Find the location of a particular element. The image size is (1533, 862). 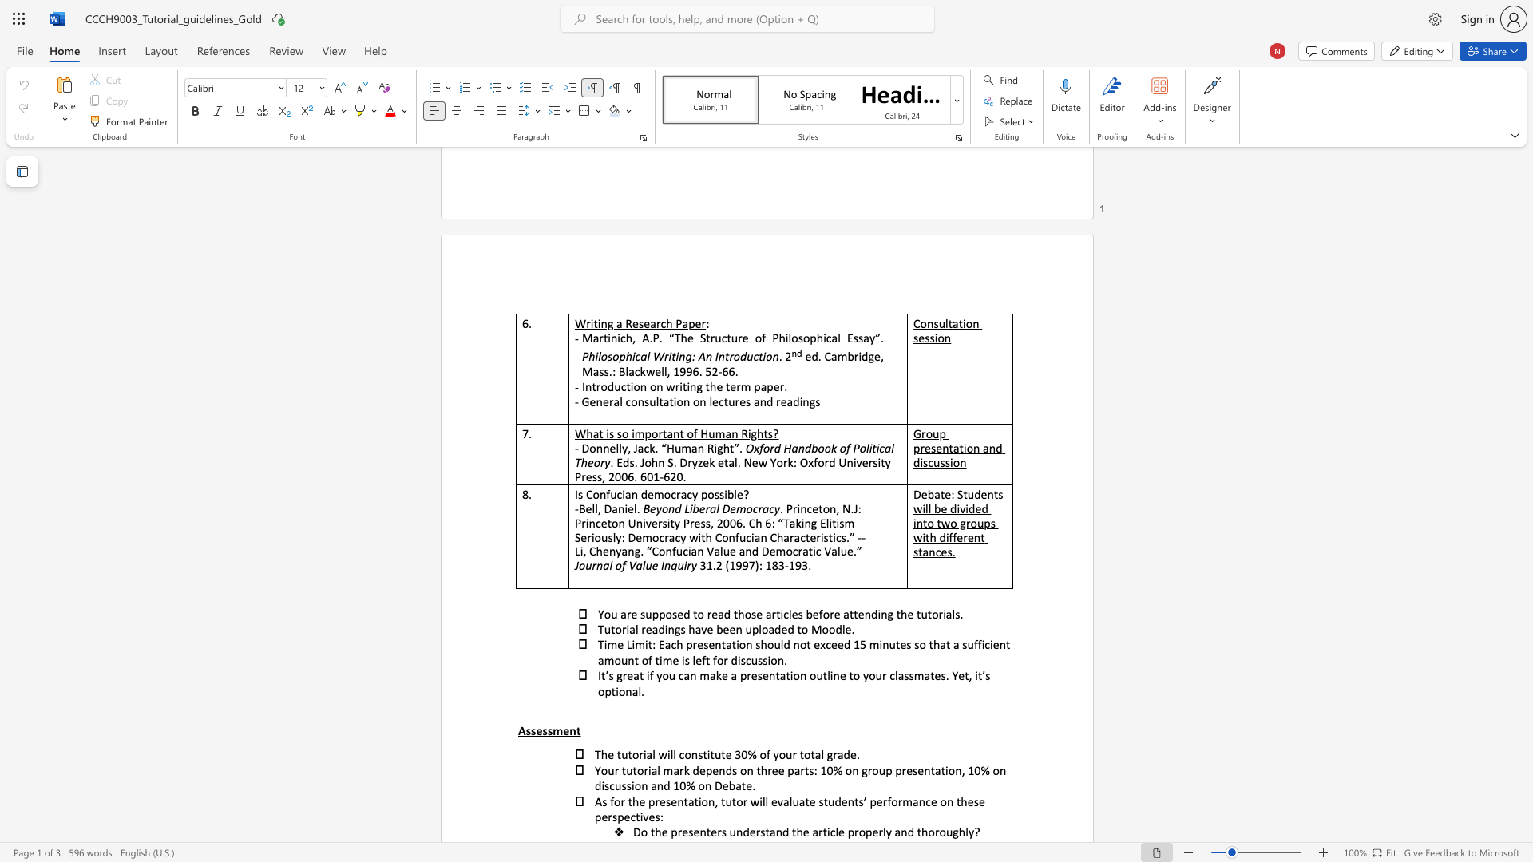

the subset text "sm" within the text "It’s great if you can make a presentation outline to your classmates. Yet, it’s optional." is located at coordinates (909, 675).